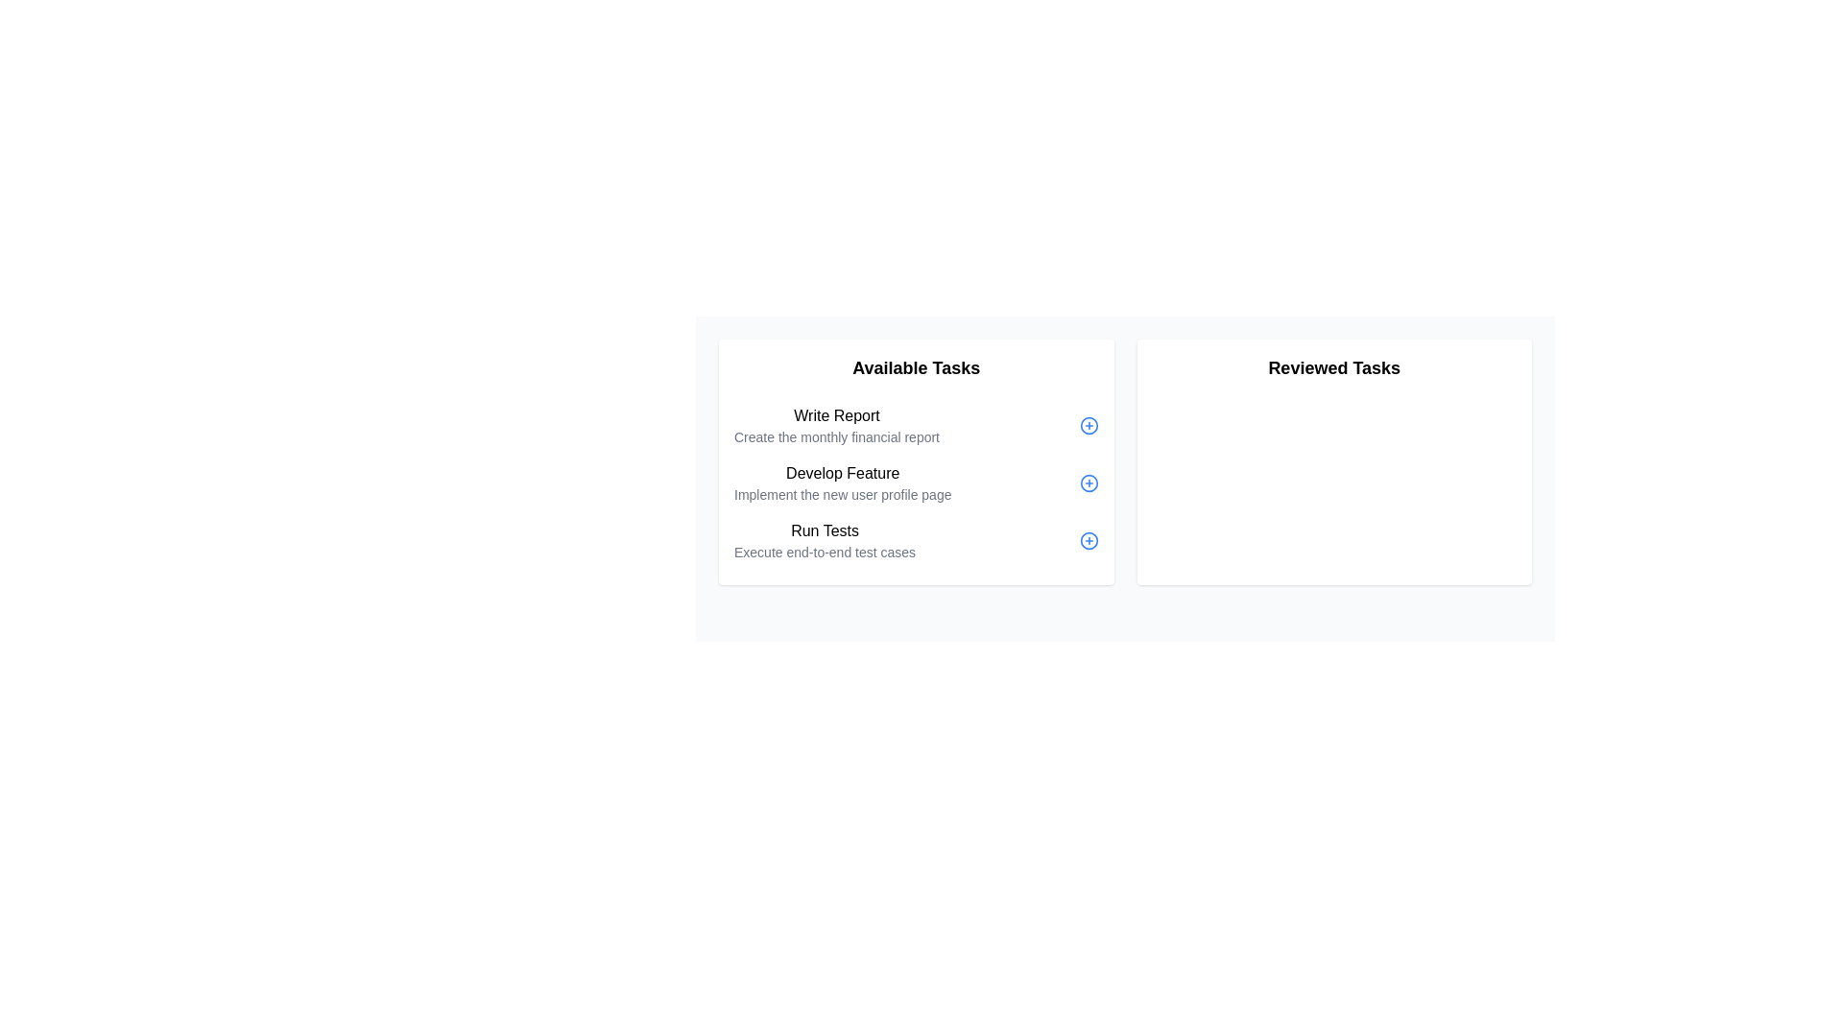  What do you see at coordinates (1089, 483) in the screenshot?
I see `the circular graphical component that is part of the additional actions icon for the 'Develop Feature' task, located between the 'Write Report' and 'Run Tests' tasks` at bounding box center [1089, 483].